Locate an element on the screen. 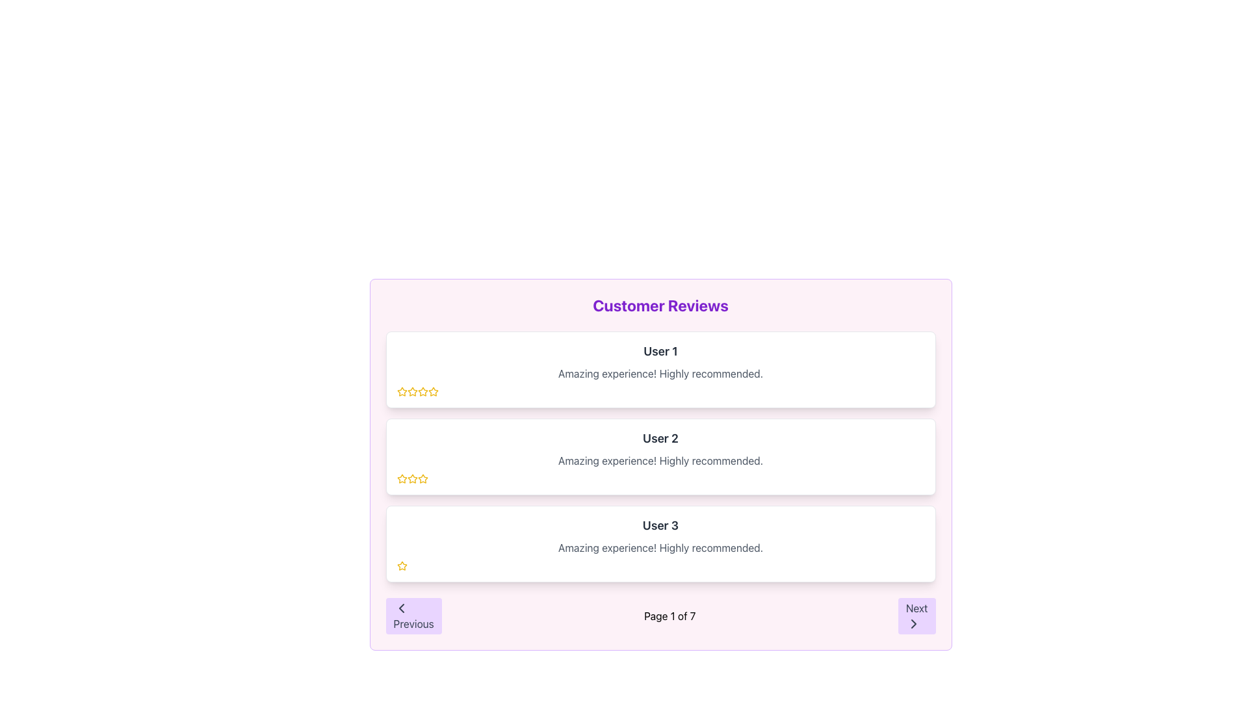  the second star in the graphical rating system is located at coordinates (411, 478).